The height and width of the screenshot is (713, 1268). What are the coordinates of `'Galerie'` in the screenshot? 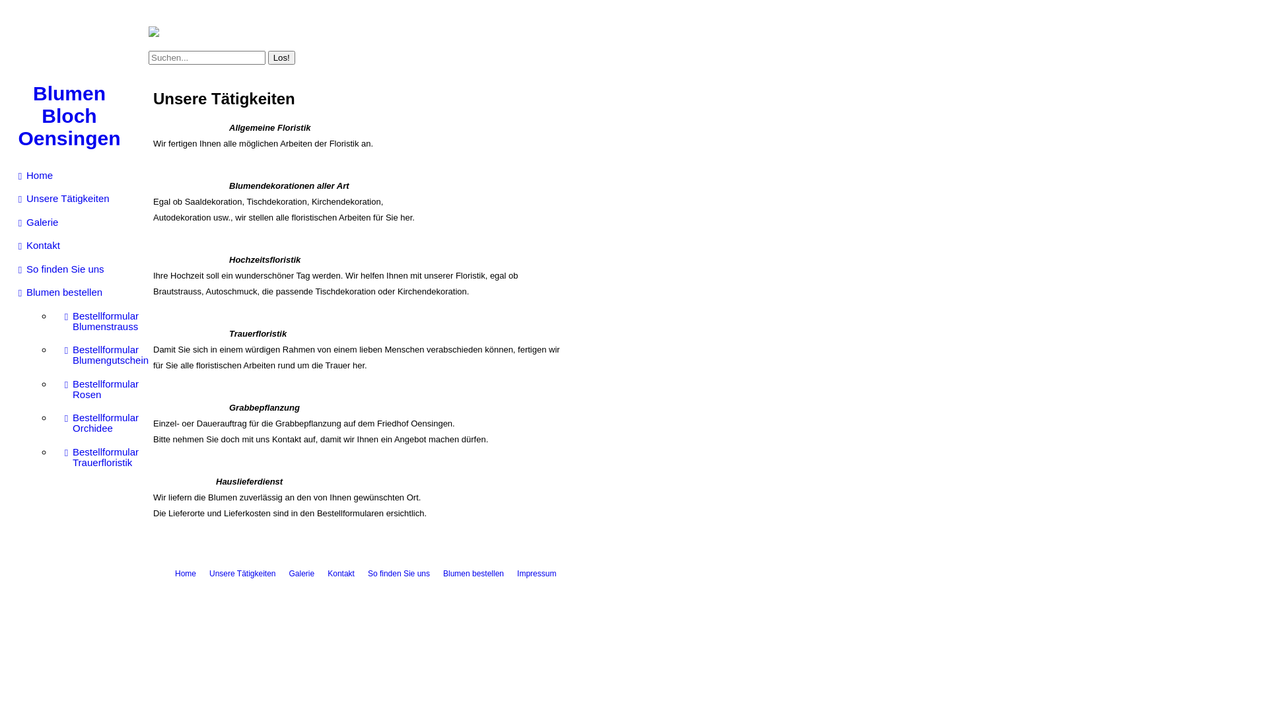 It's located at (301, 572).